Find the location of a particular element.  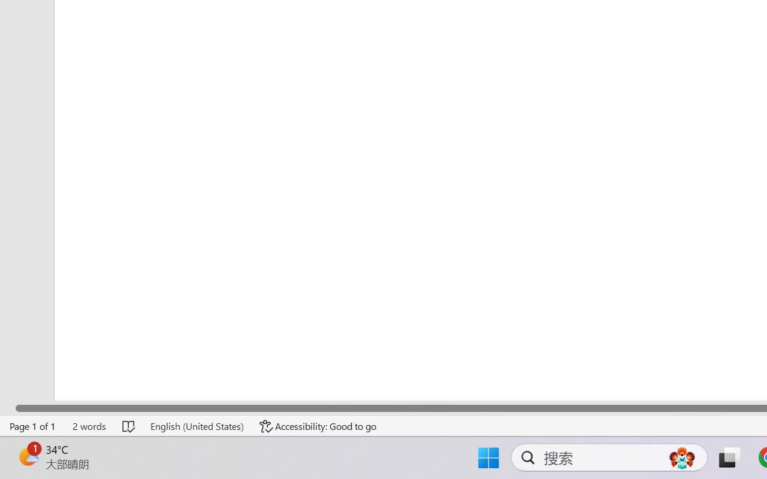

'Accessibility Checker Accessibility: Good to go' is located at coordinates (318, 426).